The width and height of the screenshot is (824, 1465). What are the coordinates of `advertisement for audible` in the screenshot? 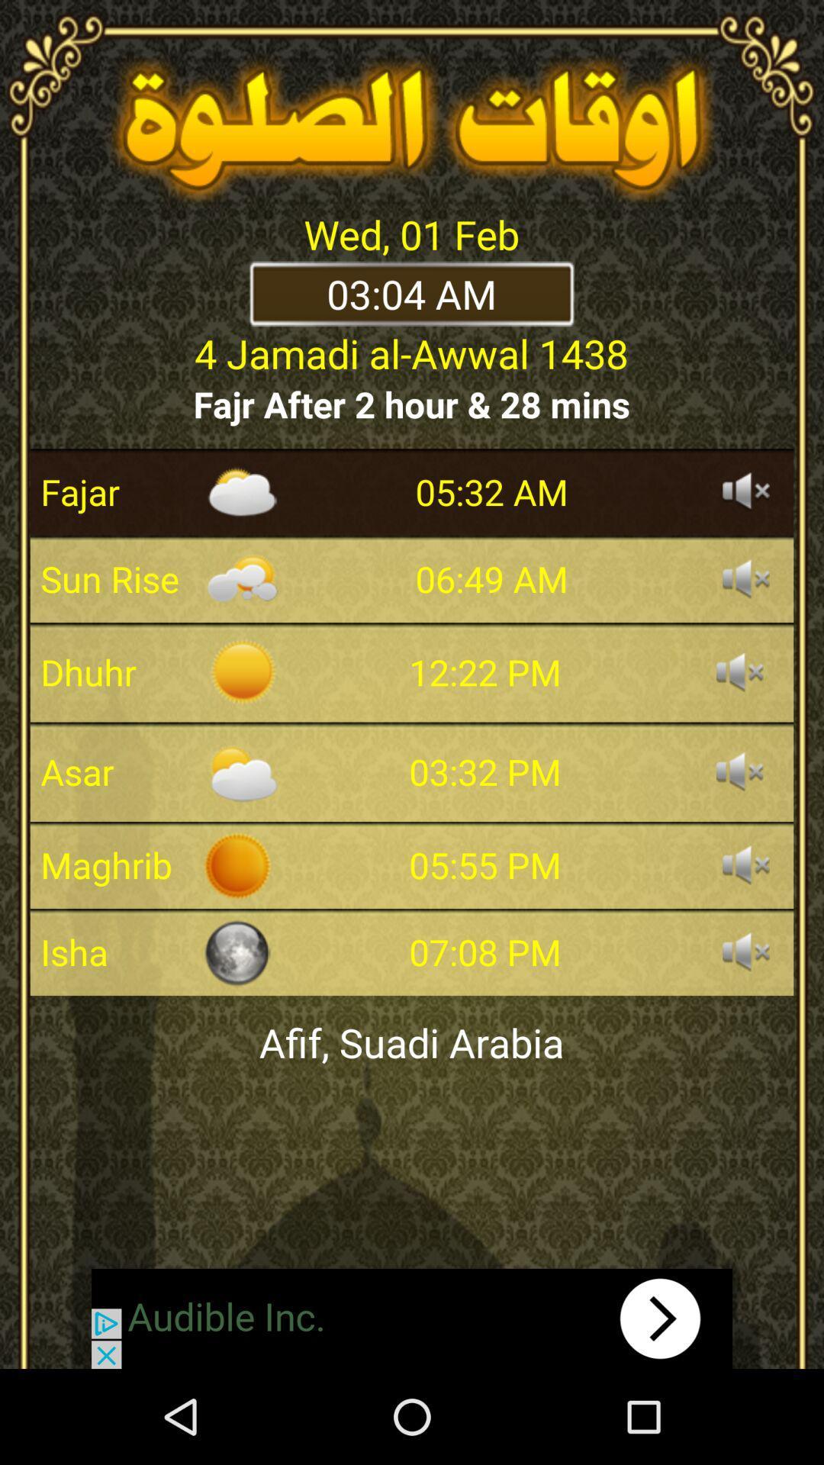 It's located at (412, 1318).